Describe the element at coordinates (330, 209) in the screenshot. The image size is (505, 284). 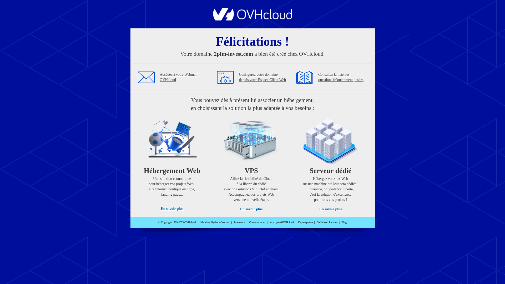
I see `'En savoir plus'` at that location.